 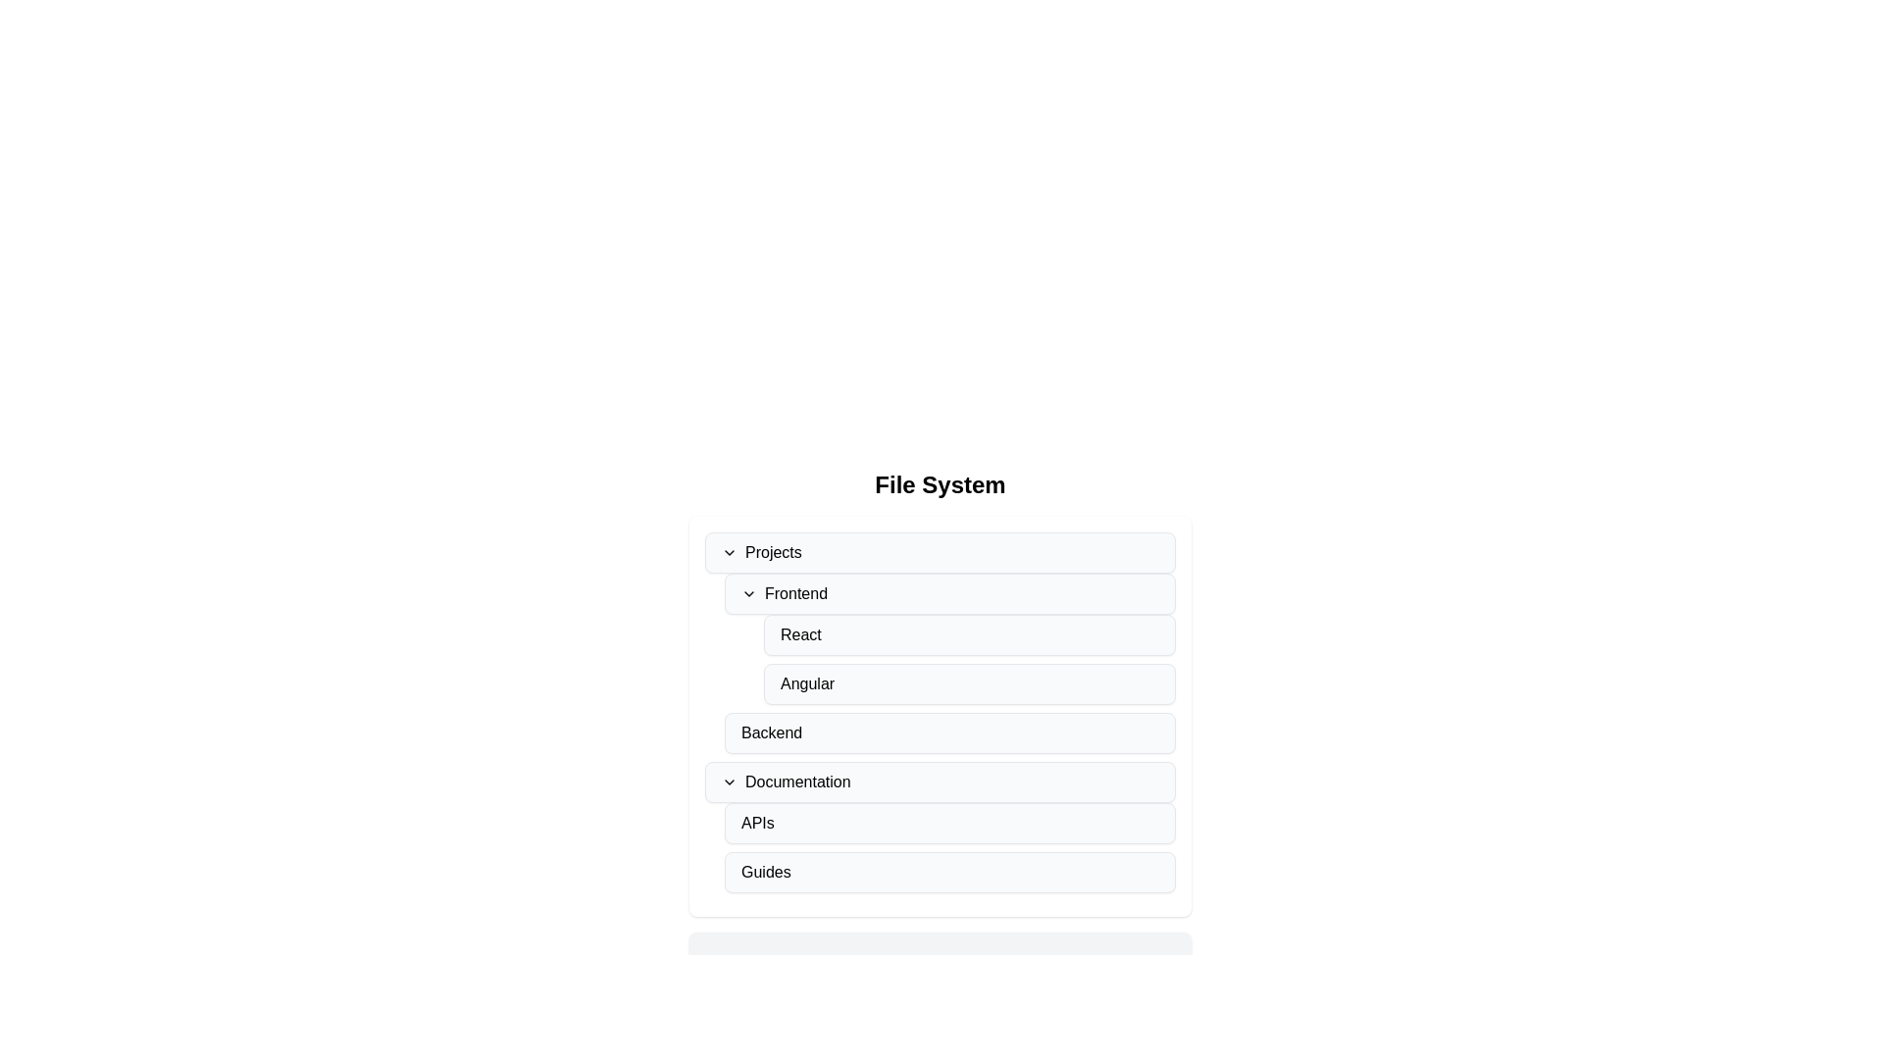 What do you see at coordinates (807, 683) in the screenshot?
I see `the 'Angular' clickable list item` at bounding box center [807, 683].